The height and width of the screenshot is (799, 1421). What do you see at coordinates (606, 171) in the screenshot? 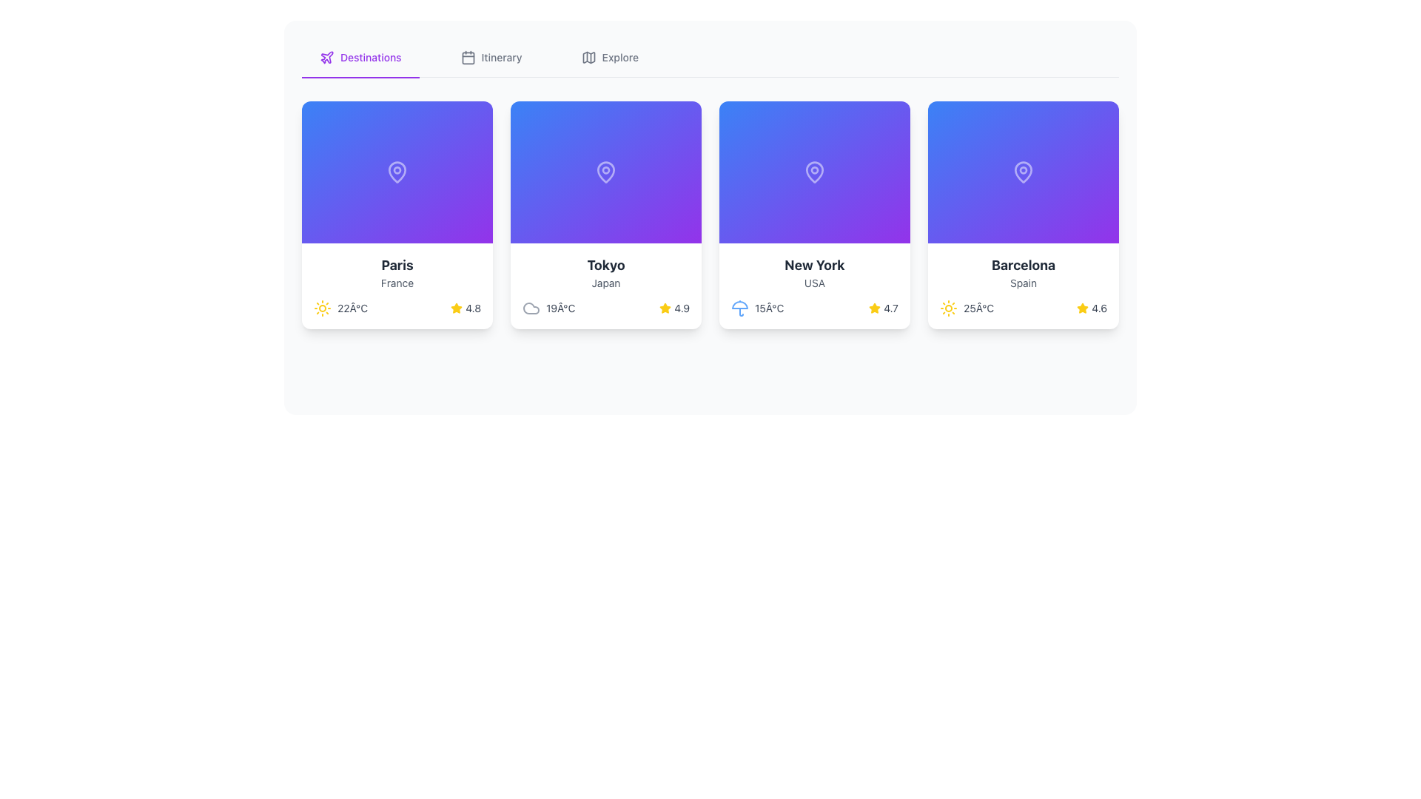
I see `the background with a decorative location pin icon that is centered in the top half of the card representing 'Tokyo'` at bounding box center [606, 171].